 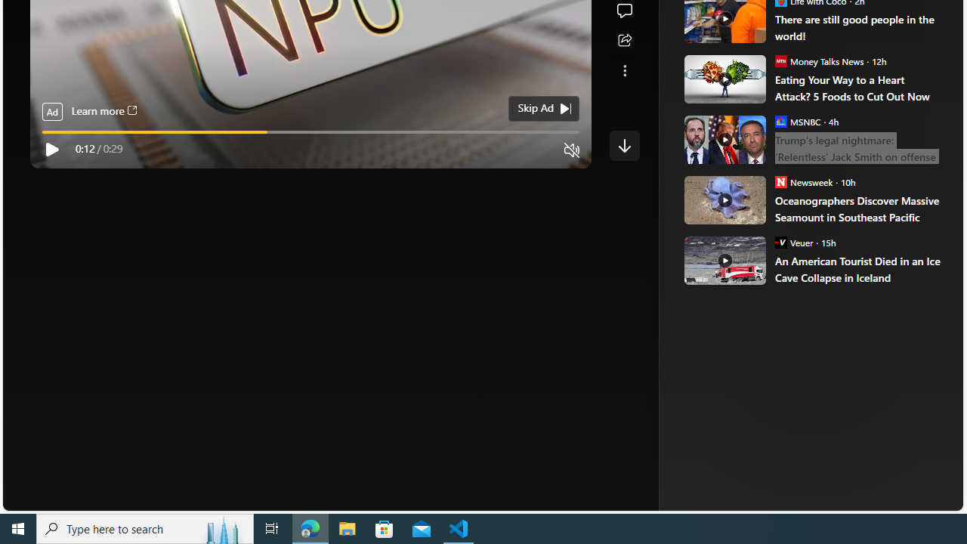 What do you see at coordinates (780, 60) in the screenshot?
I see `'Money Talks News'` at bounding box center [780, 60].